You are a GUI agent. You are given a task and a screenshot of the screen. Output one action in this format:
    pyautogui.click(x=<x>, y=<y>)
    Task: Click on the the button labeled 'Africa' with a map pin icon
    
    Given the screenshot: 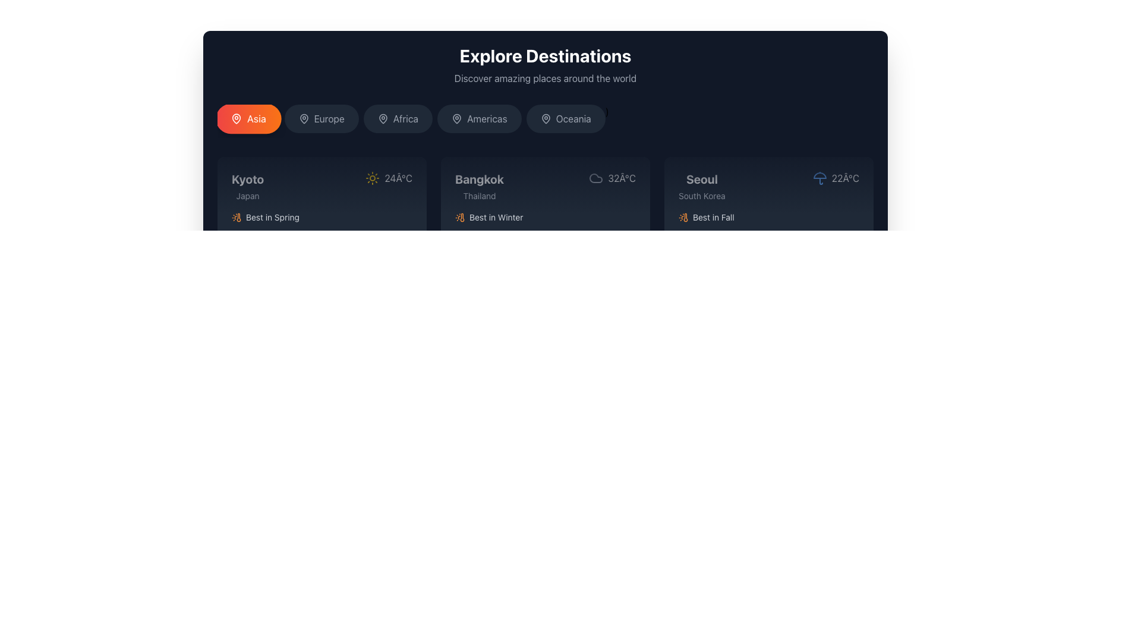 What is the action you would take?
    pyautogui.click(x=398, y=119)
    